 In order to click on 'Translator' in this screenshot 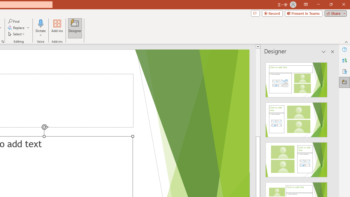, I will do `click(344, 60)`.